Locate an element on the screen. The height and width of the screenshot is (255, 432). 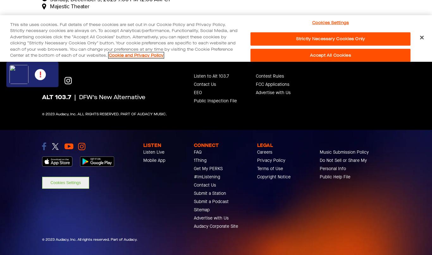
'EEO' is located at coordinates (194, 92).